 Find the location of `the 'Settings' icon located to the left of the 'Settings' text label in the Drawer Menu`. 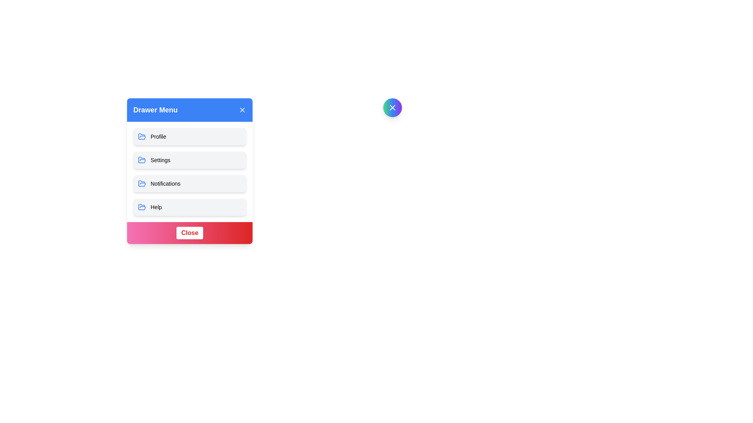

the 'Settings' icon located to the left of the 'Settings' text label in the Drawer Menu is located at coordinates (142, 159).